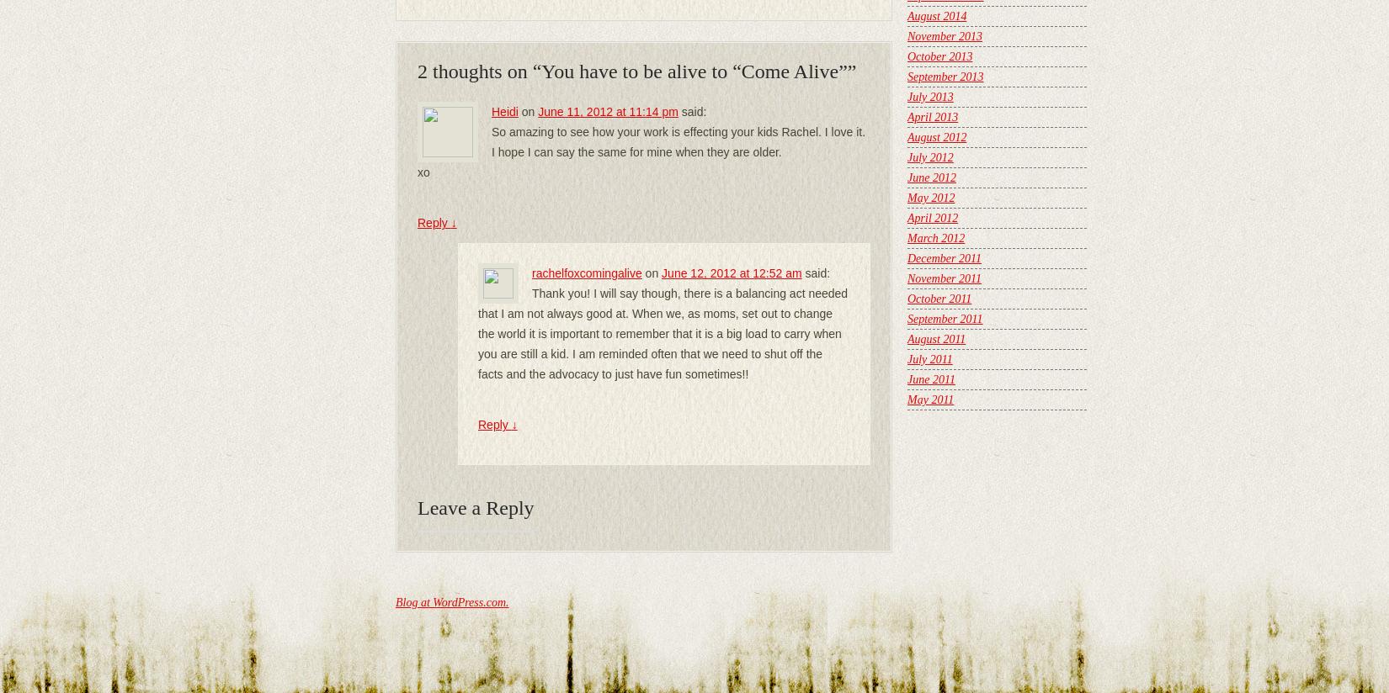 Image resolution: width=1389 pixels, height=693 pixels. What do you see at coordinates (451, 601) in the screenshot?
I see `'Blog at WordPress.com.'` at bounding box center [451, 601].